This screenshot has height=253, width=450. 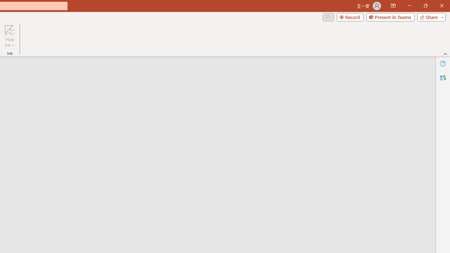 What do you see at coordinates (9, 36) in the screenshot?
I see `'Hide Ink'` at bounding box center [9, 36].